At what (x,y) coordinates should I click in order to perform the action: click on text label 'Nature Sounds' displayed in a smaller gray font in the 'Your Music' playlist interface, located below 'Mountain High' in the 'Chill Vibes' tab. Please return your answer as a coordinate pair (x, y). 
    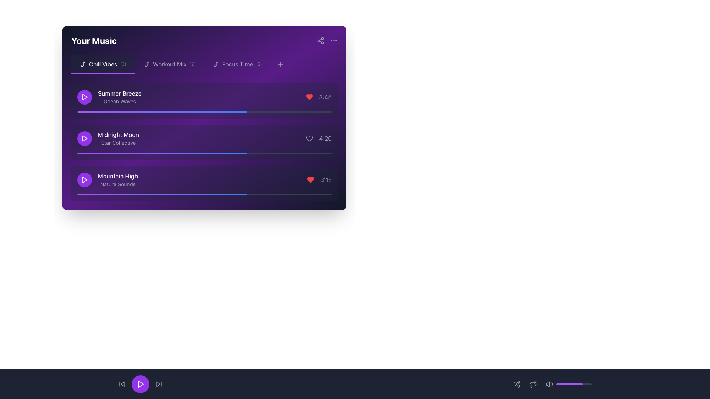
    Looking at the image, I should click on (117, 184).